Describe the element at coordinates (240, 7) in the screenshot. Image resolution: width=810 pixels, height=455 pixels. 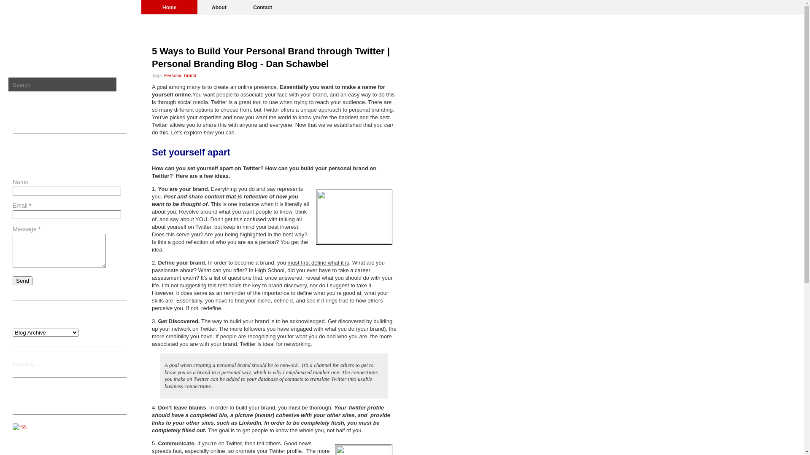
I see `'Contact'` at that location.